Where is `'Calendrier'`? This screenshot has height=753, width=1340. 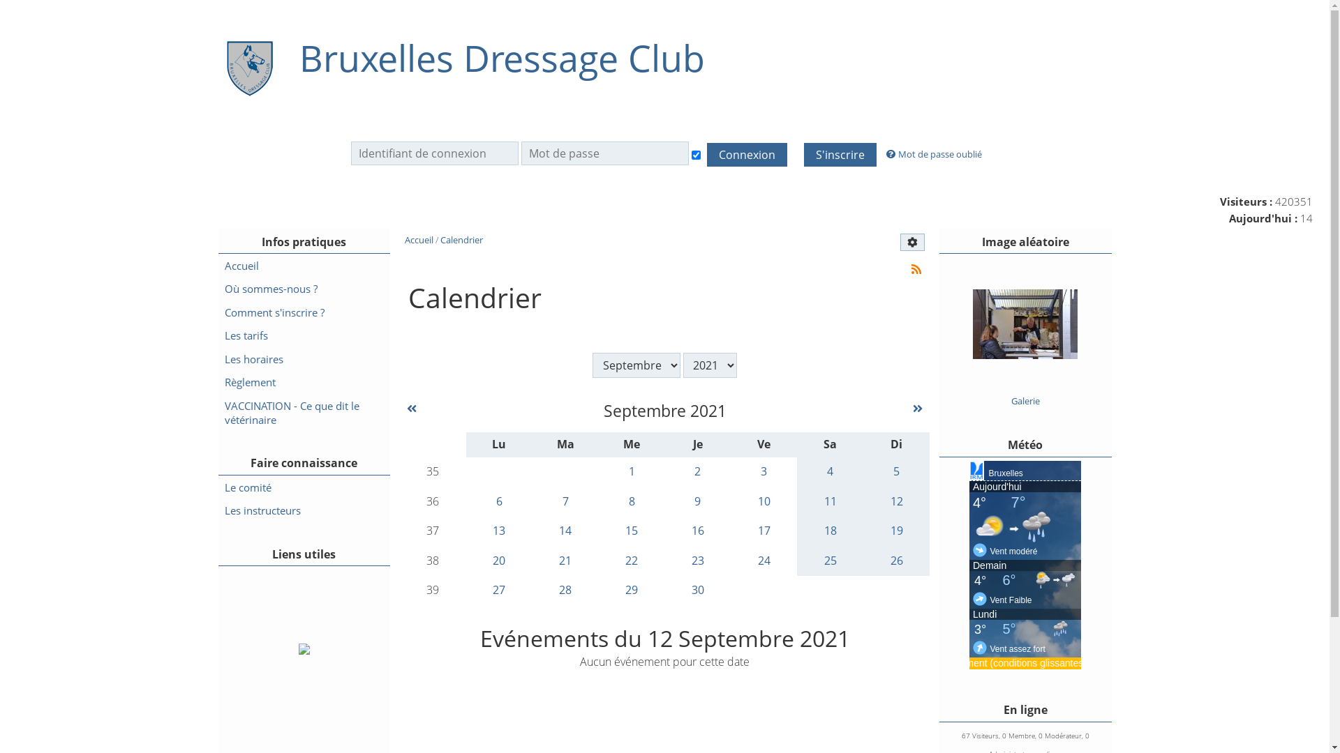 'Calendrier' is located at coordinates (461, 238).